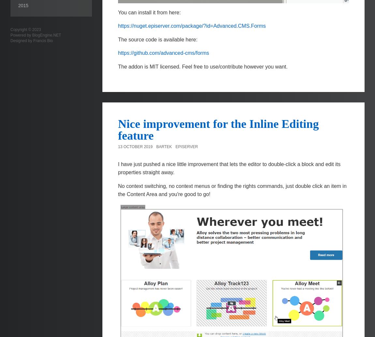 This screenshot has width=375, height=337. I want to click on 'Designed by', so click(22, 40).